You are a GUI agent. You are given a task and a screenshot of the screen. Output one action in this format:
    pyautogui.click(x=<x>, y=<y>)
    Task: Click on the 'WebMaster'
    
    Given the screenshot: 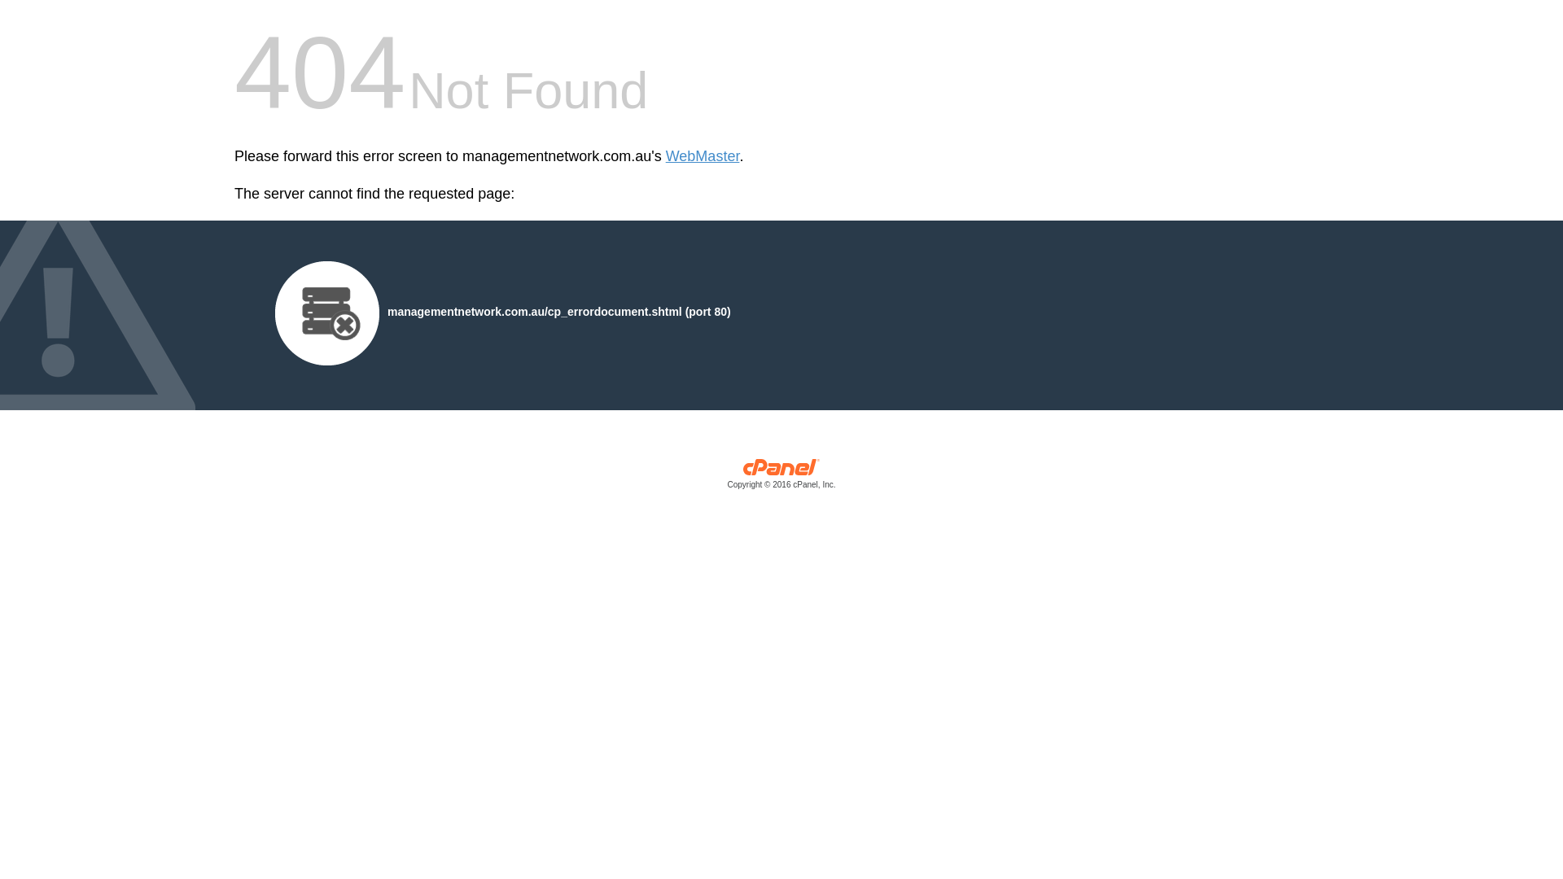 What is the action you would take?
    pyautogui.click(x=703, y=156)
    